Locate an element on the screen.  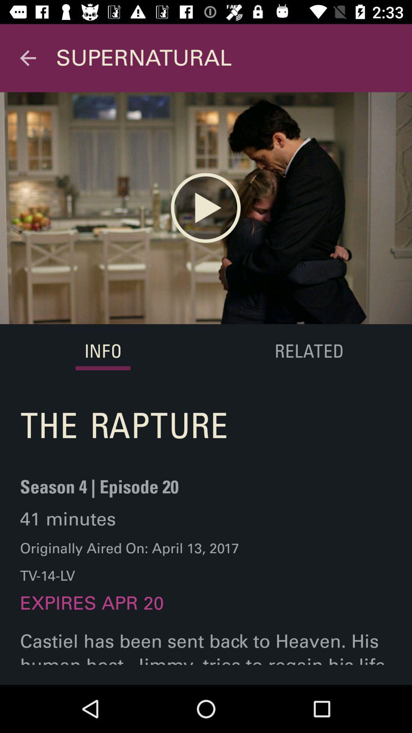
the item below the rapture is located at coordinates (99, 491).